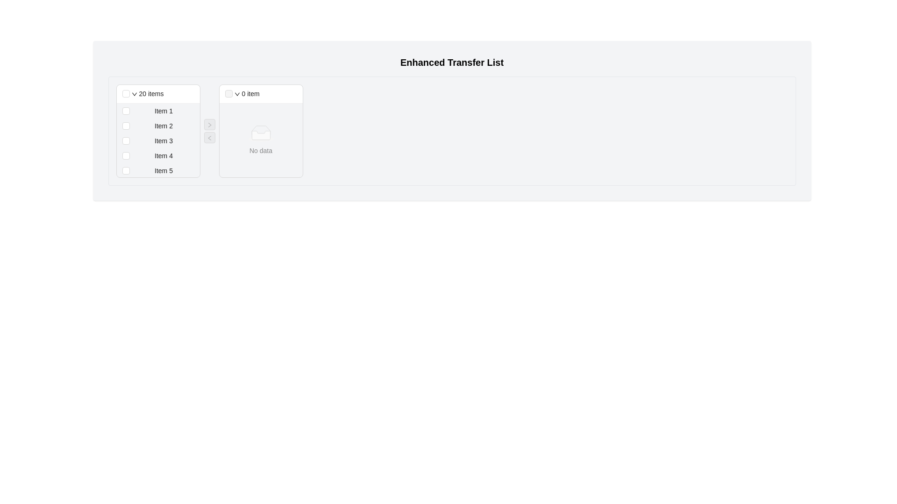 The image size is (897, 504). I want to click on the text label displaying 'Item 1', so click(164, 111).